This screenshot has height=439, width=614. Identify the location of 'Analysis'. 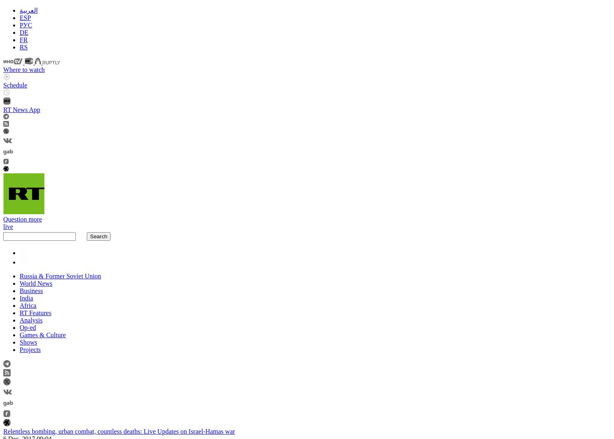
(20, 319).